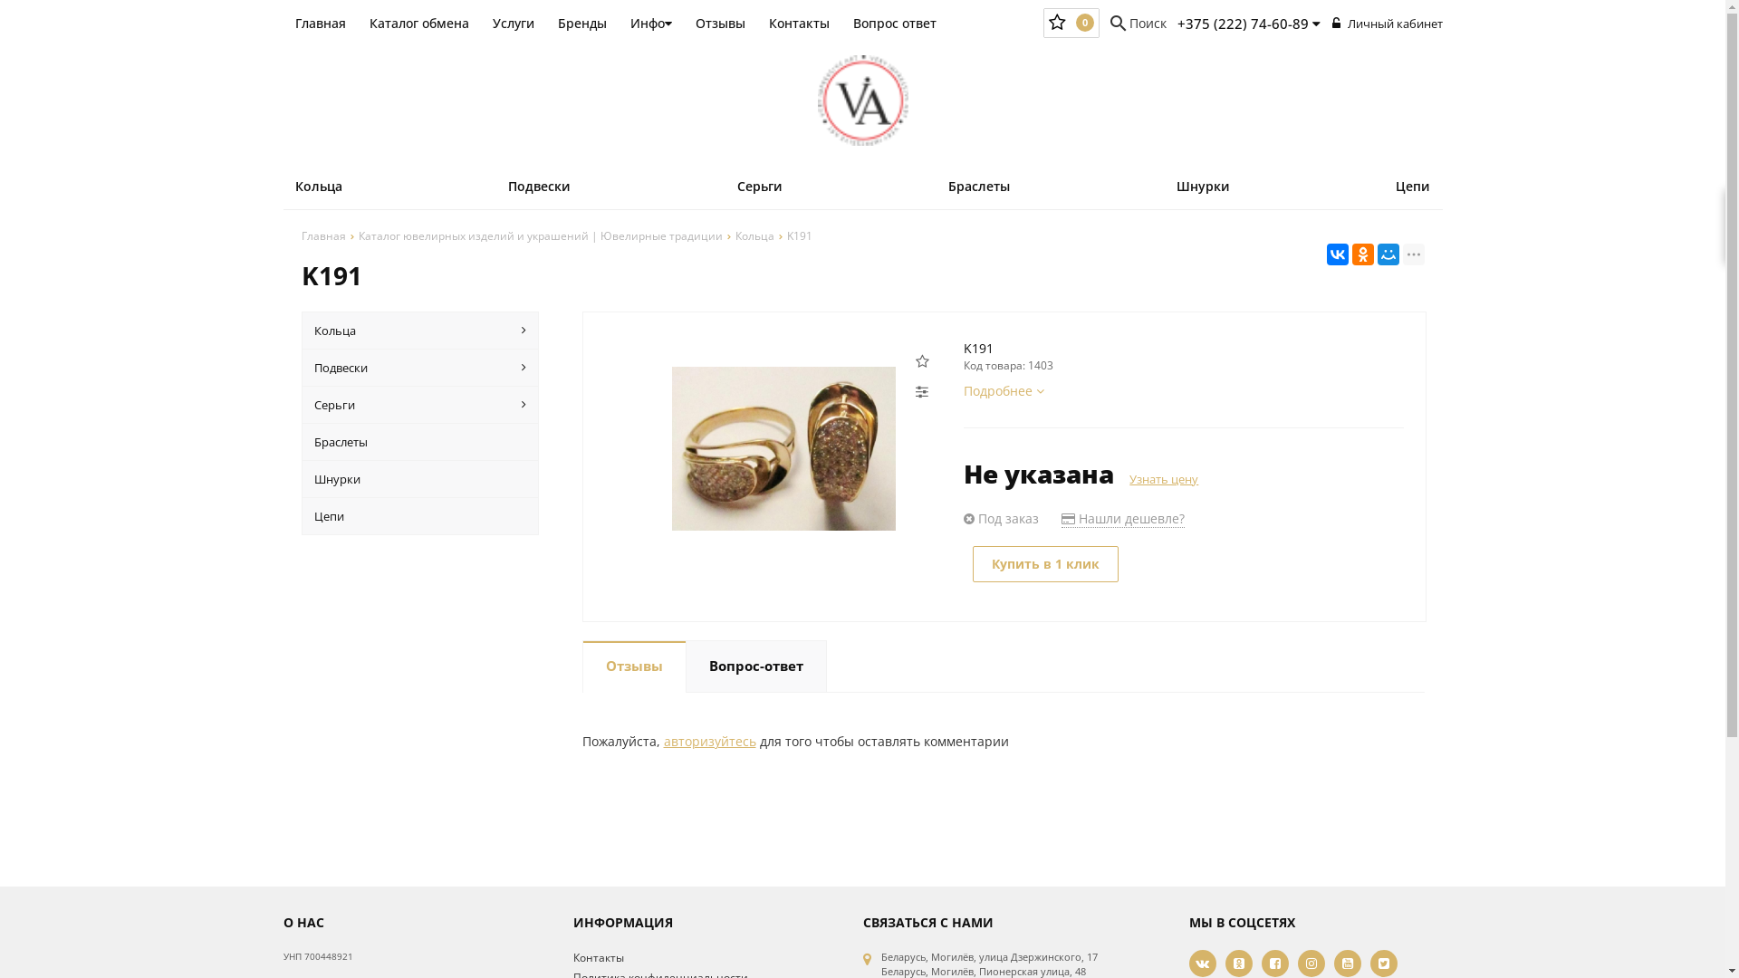 This screenshot has width=1739, height=978. Describe the element at coordinates (1248, 24) in the screenshot. I see `'+375 (222) 74-60-89'` at that location.